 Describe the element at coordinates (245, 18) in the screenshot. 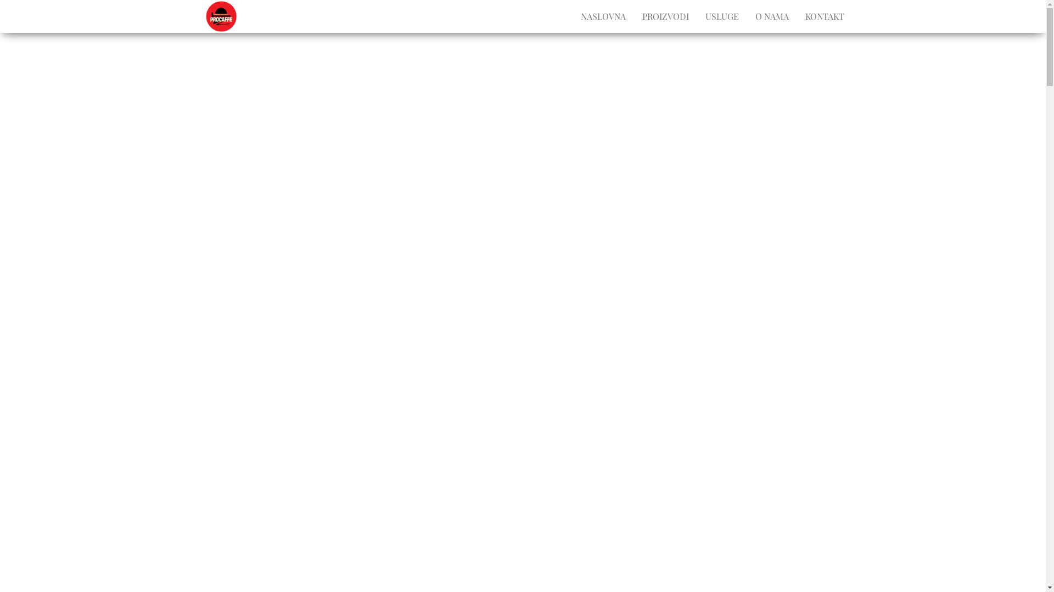

I see `'Procaffe d.o.o.'` at that location.